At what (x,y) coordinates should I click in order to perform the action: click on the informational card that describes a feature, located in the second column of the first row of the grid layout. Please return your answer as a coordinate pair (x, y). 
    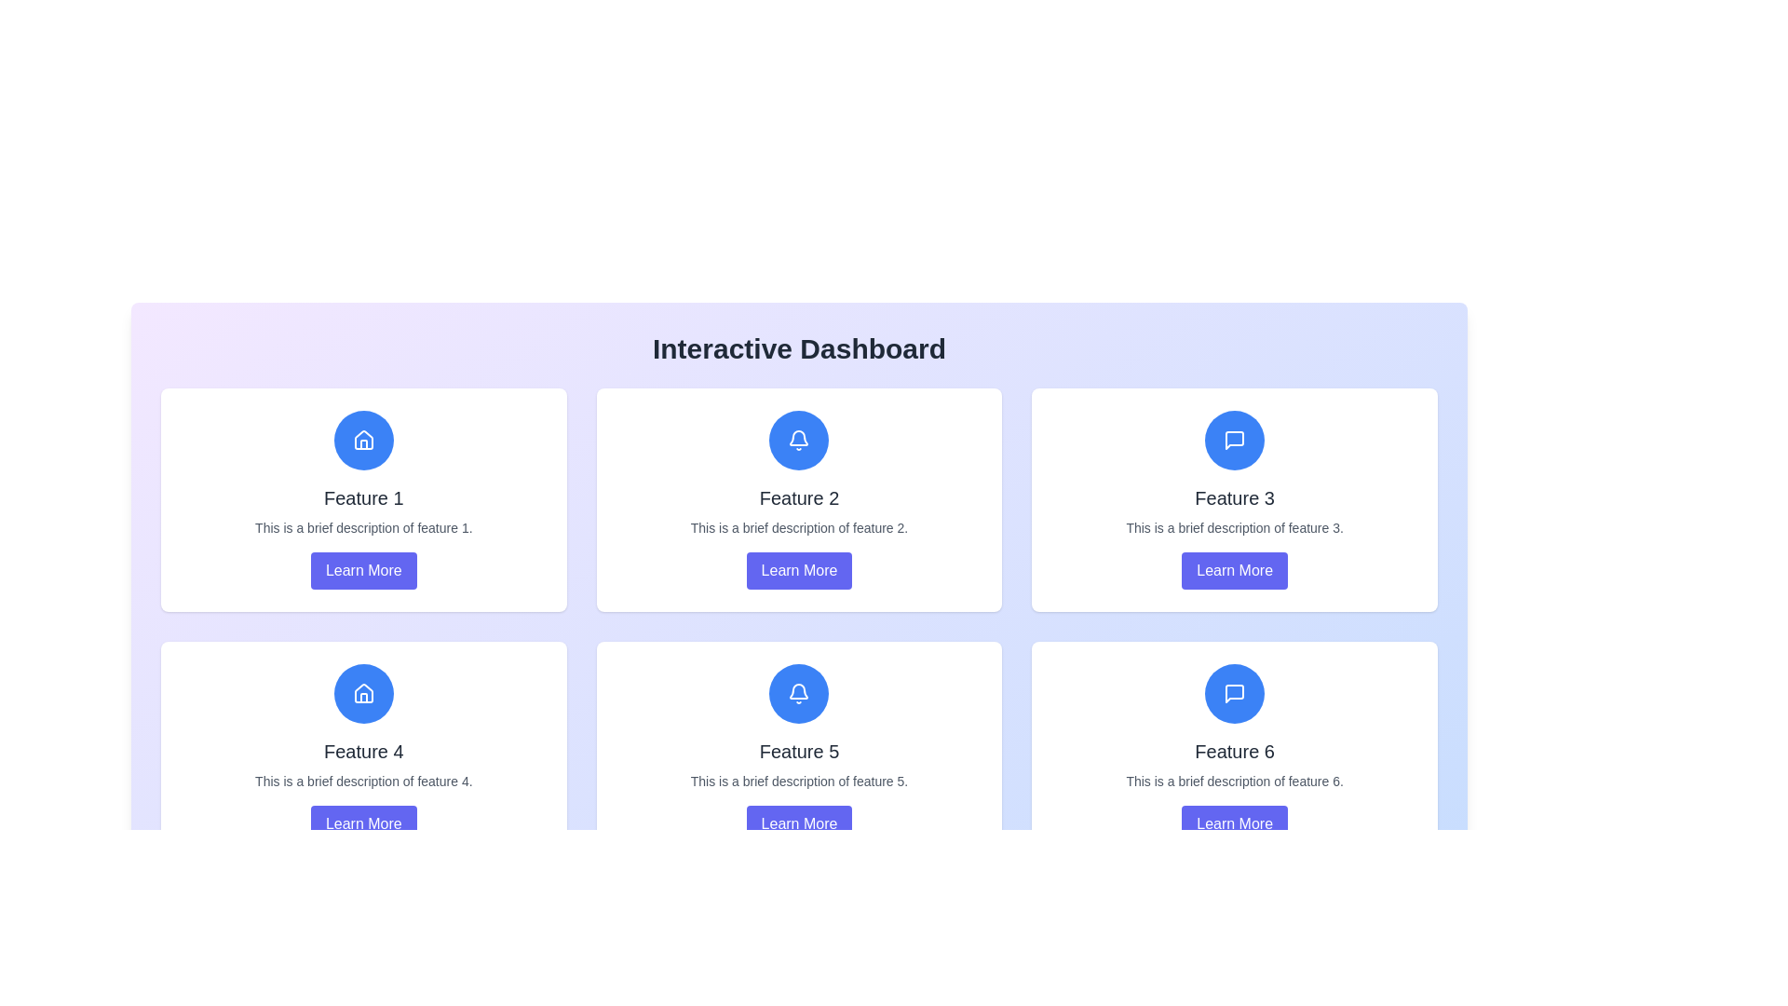
    Looking at the image, I should click on (799, 498).